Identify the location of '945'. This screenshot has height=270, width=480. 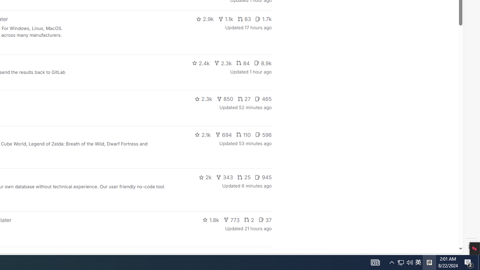
(263, 177).